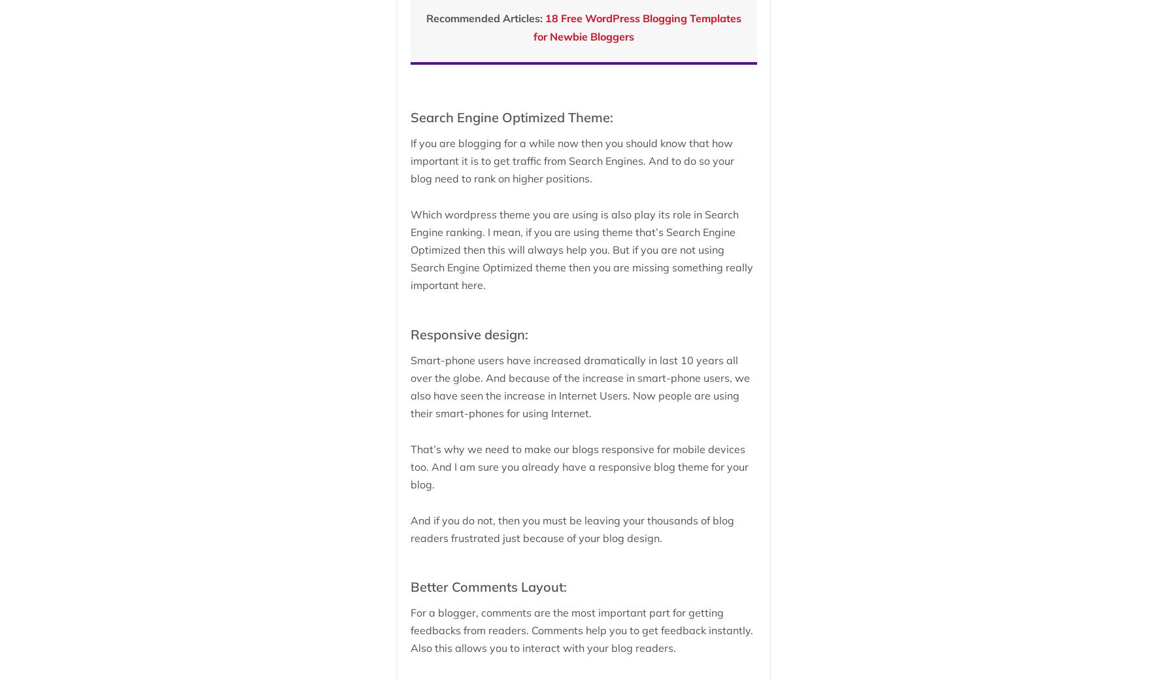  Describe the element at coordinates (571, 528) in the screenshot. I see `'And if you do not, then you must be leaving your thousands of blog readers frustrated just because of your blog design.'` at that location.